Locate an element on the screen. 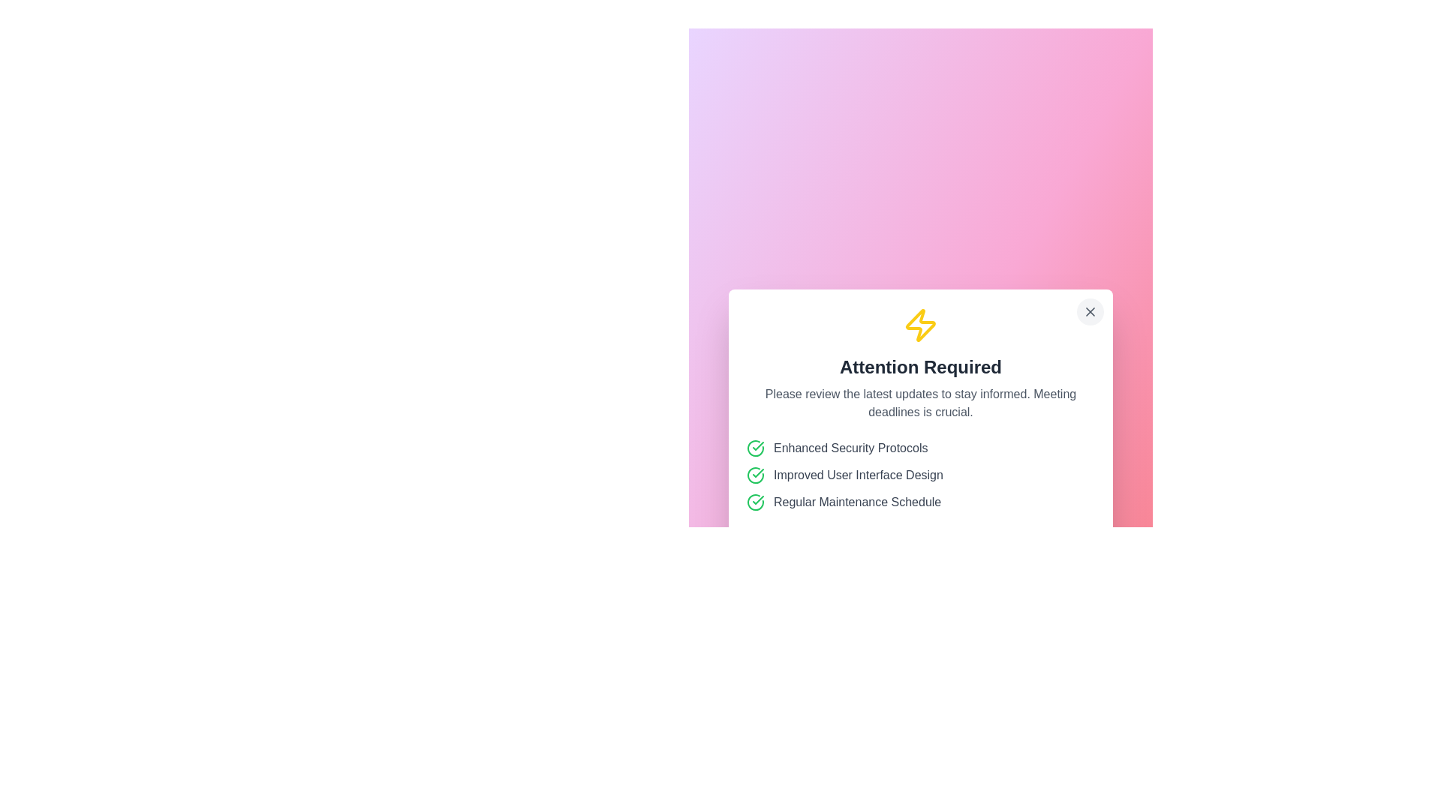 The height and width of the screenshot is (810, 1441). texts within the list element located beneath the header 'Attention Required' in the modal window is located at coordinates (920, 475).